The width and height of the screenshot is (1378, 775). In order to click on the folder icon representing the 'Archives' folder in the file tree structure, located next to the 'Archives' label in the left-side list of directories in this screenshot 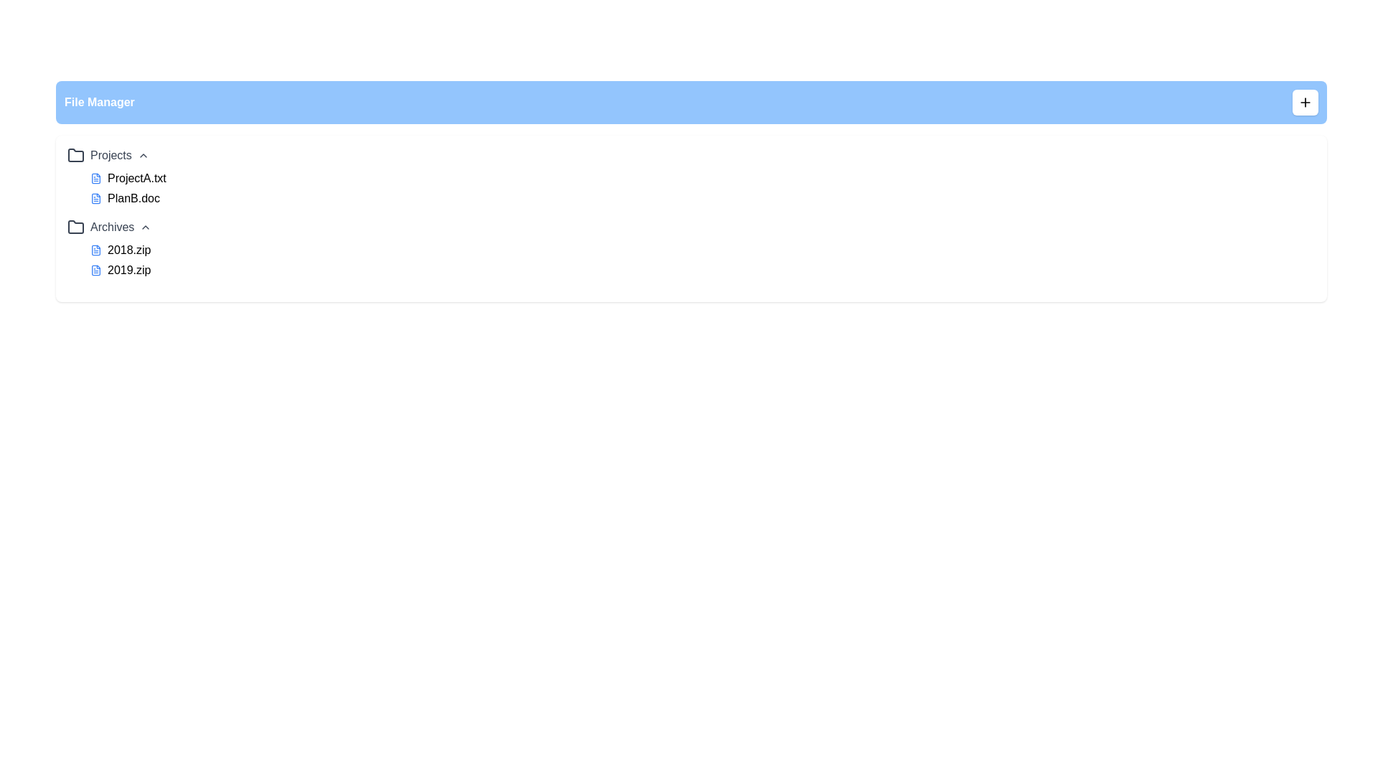, I will do `click(75, 226)`.